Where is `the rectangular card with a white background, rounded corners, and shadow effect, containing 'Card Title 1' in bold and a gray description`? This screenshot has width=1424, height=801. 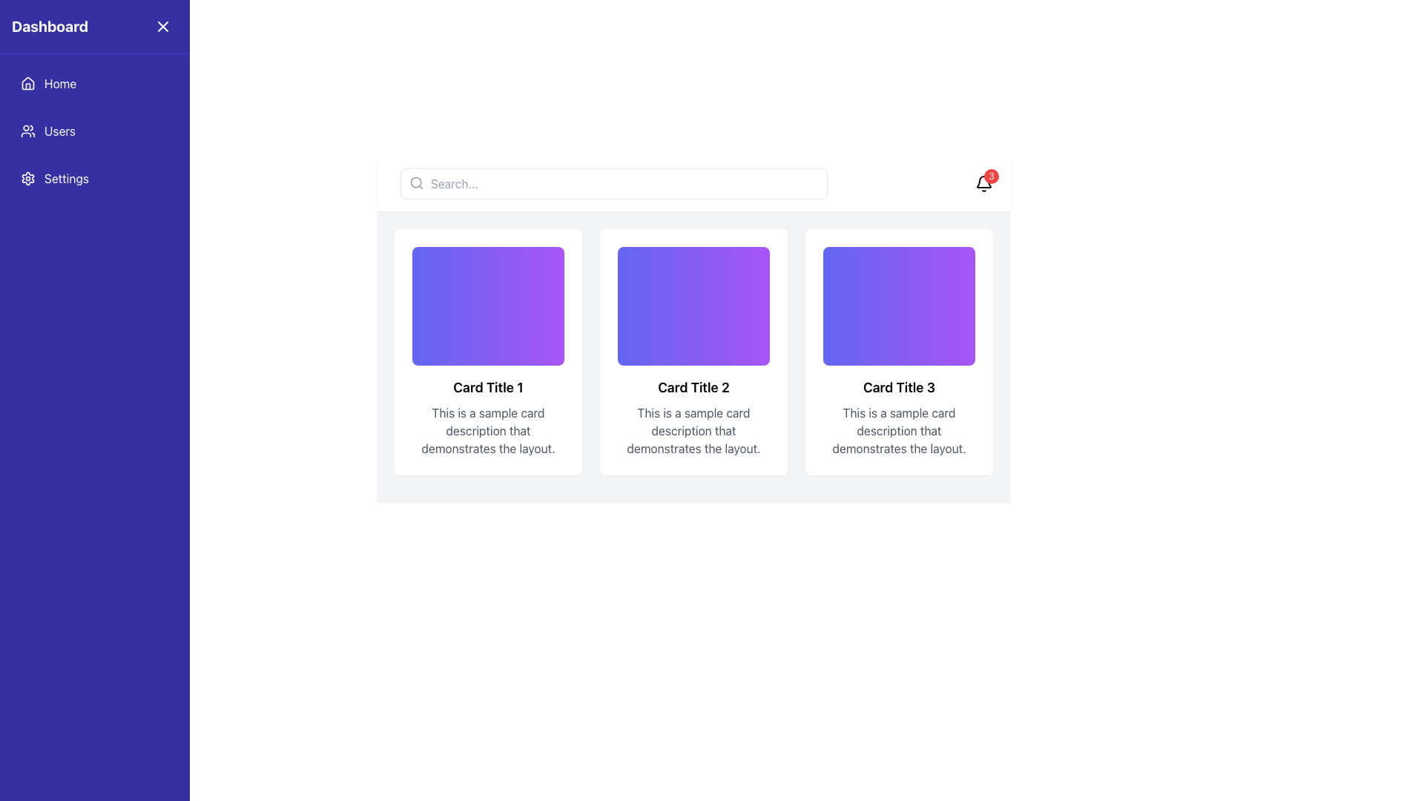
the rectangular card with a white background, rounded corners, and shadow effect, containing 'Card Title 1' in bold and a gray description is located at coordinates (488, 352).